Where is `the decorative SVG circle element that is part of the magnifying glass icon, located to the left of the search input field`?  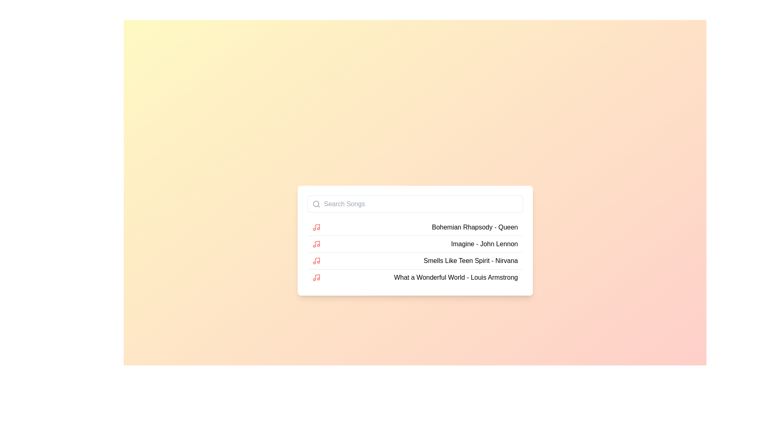 the decorative SVG circle element that is part of the magnifying glass icon, located to the left of the search input field is located at coordinates (315, 203).